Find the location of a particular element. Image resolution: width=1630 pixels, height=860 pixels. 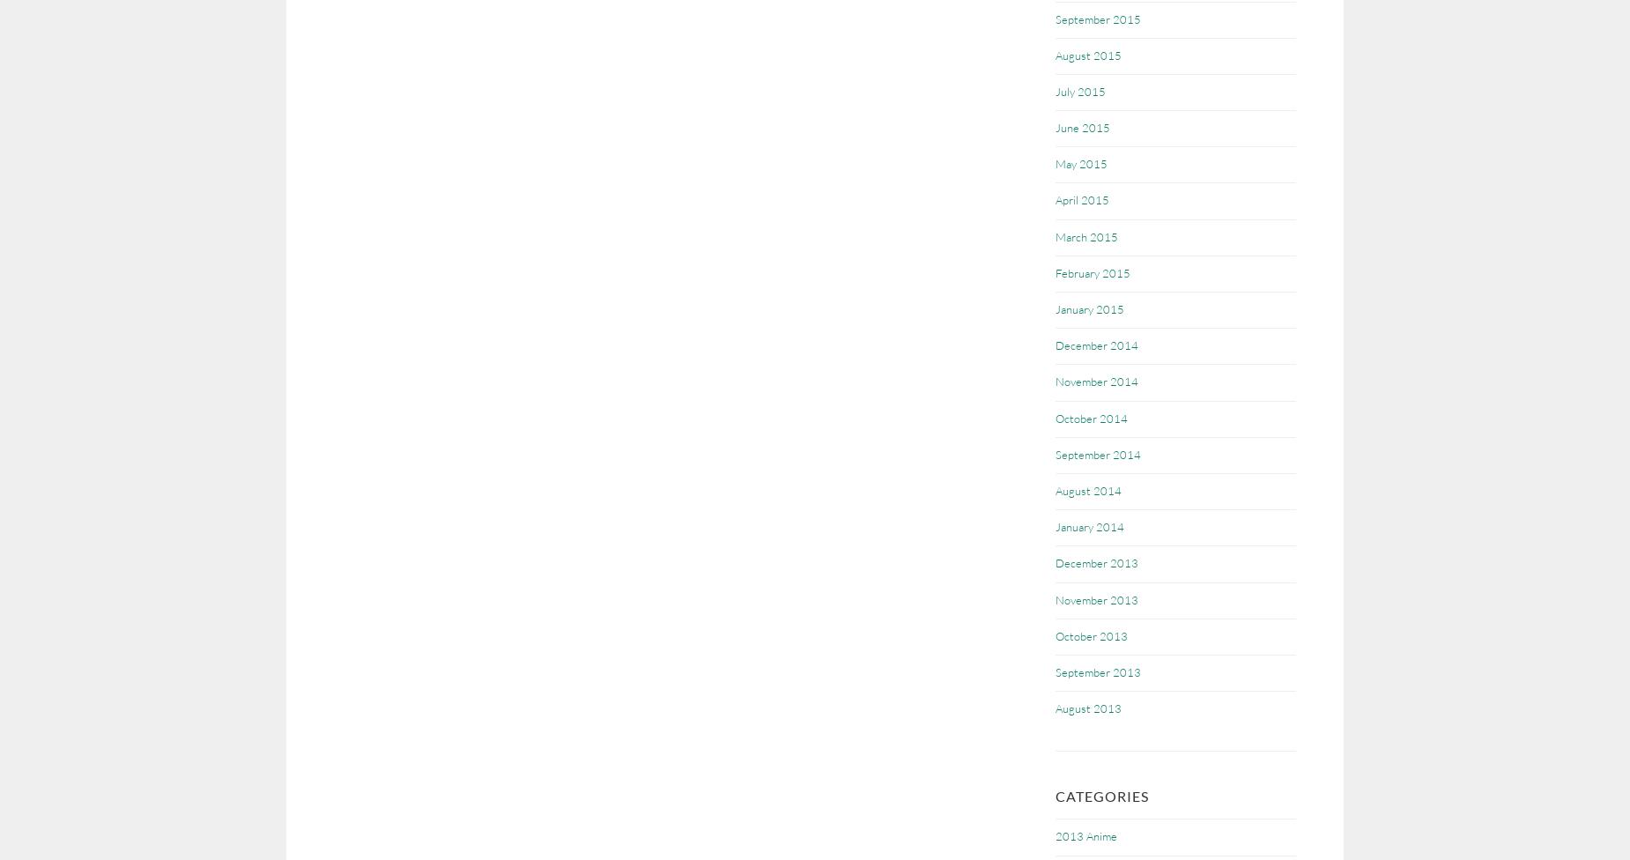

'August 2013' is located at coordinates (1087, 708).